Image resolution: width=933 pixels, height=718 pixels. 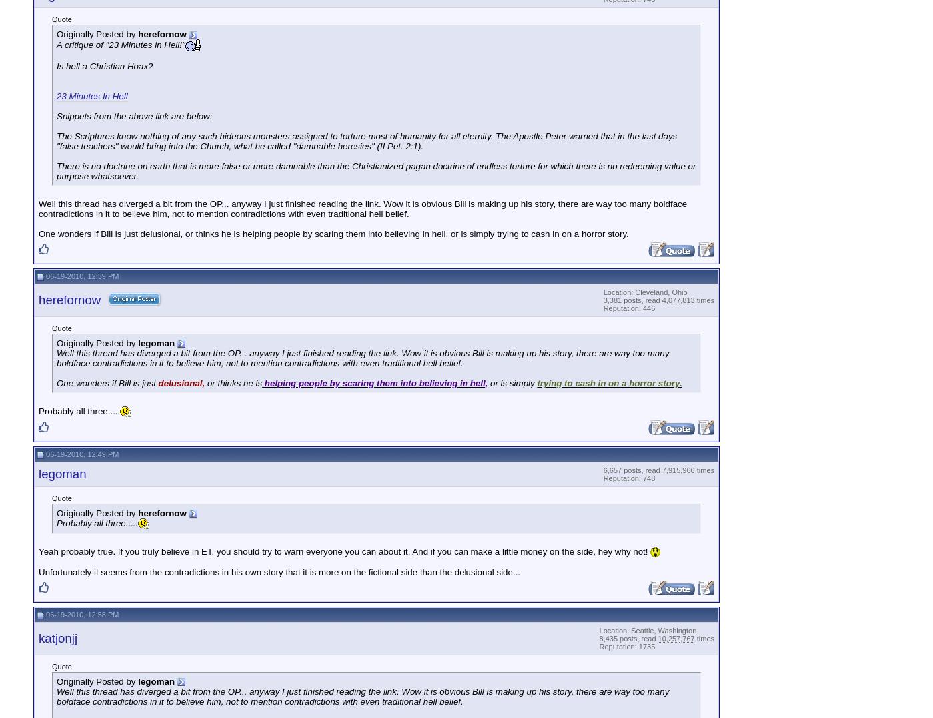 I want to click on '3,381 posts, read', so click(x=632, y=299).